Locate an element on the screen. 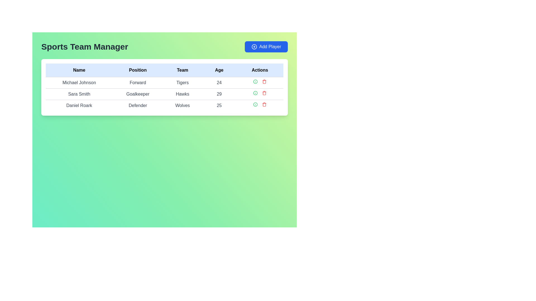 Image resolution: width=536 pixels, height=301 pixels. the non-interactive age display for 'Sara Smith' in the fourth column of the second row in the data table is located at coordinates (219, 94).